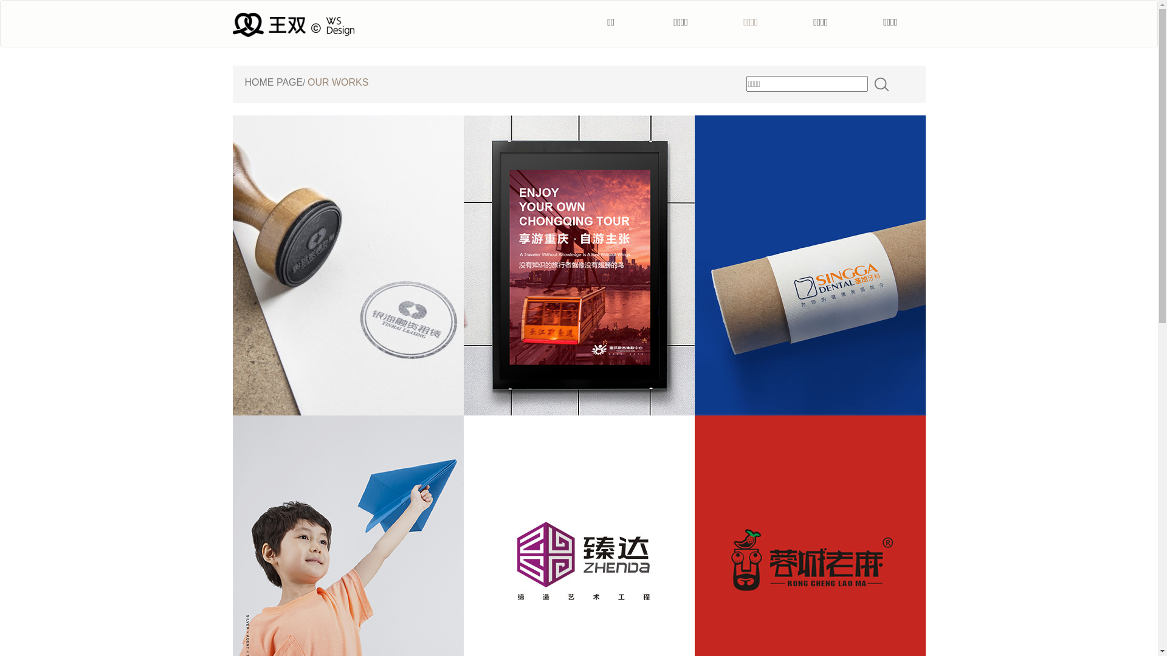  What do you see at coordinates (273, 82) in the screenshot?
I see `'HOME PAGE'` at bounding box center [273, 82].